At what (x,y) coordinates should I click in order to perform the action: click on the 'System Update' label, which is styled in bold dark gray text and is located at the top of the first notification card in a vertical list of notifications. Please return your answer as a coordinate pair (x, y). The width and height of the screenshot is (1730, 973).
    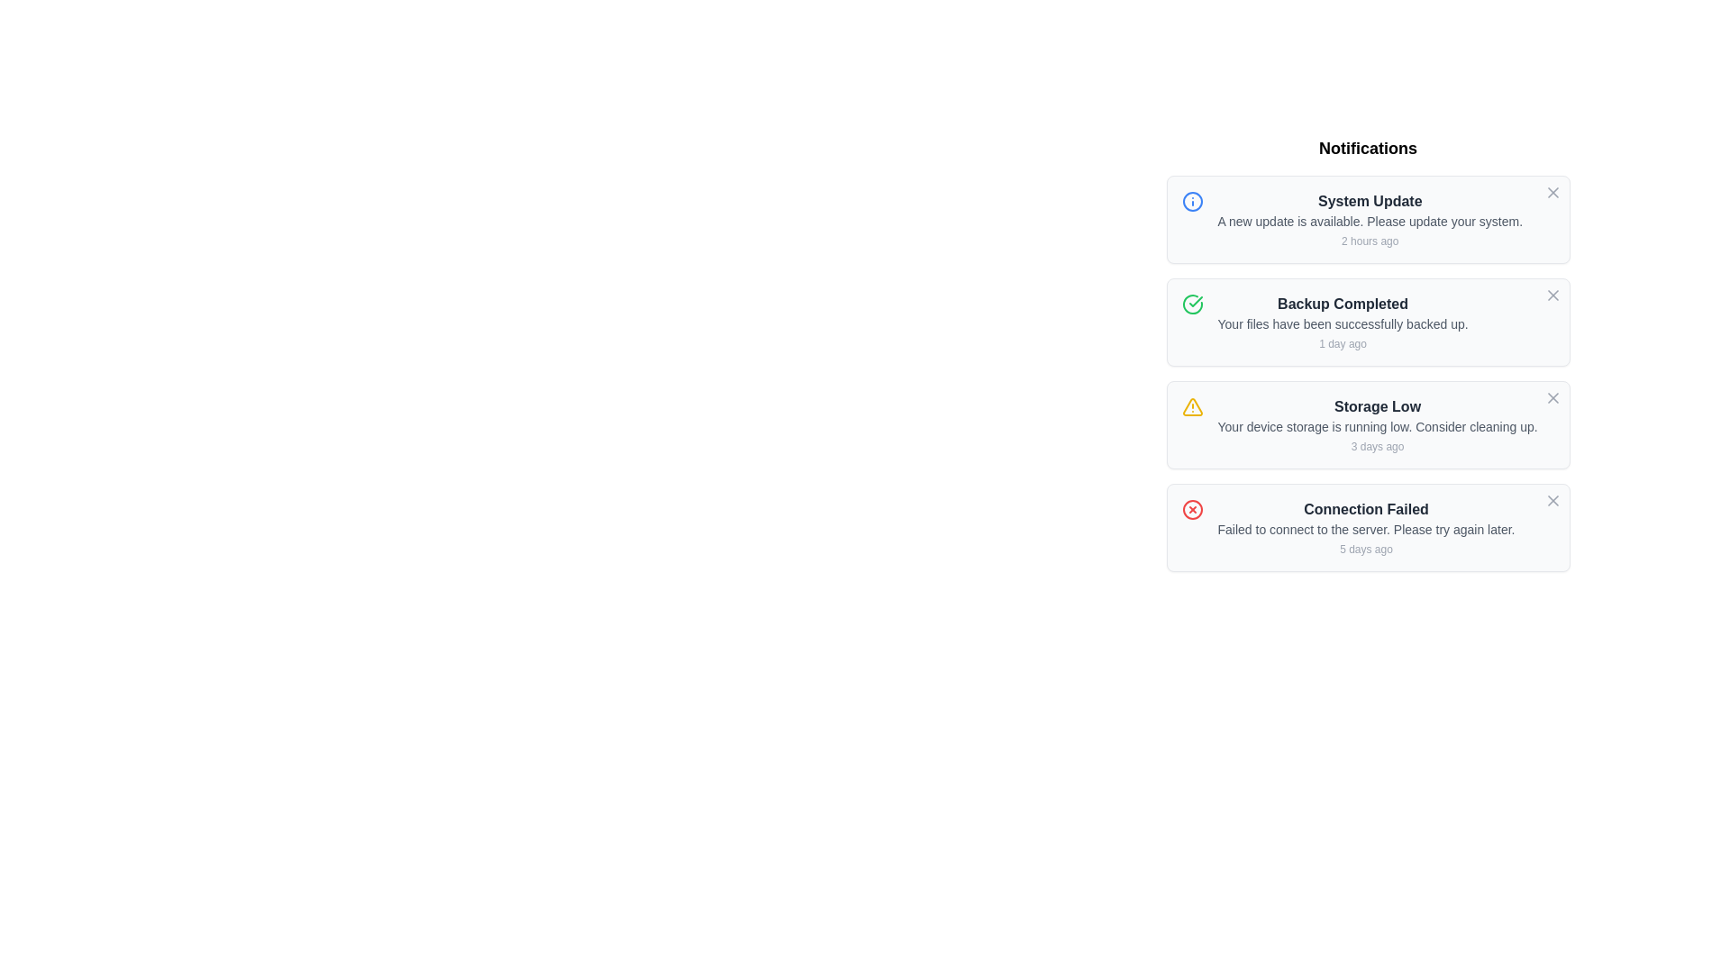
    Looking at the image, I should click on (1370, 201).